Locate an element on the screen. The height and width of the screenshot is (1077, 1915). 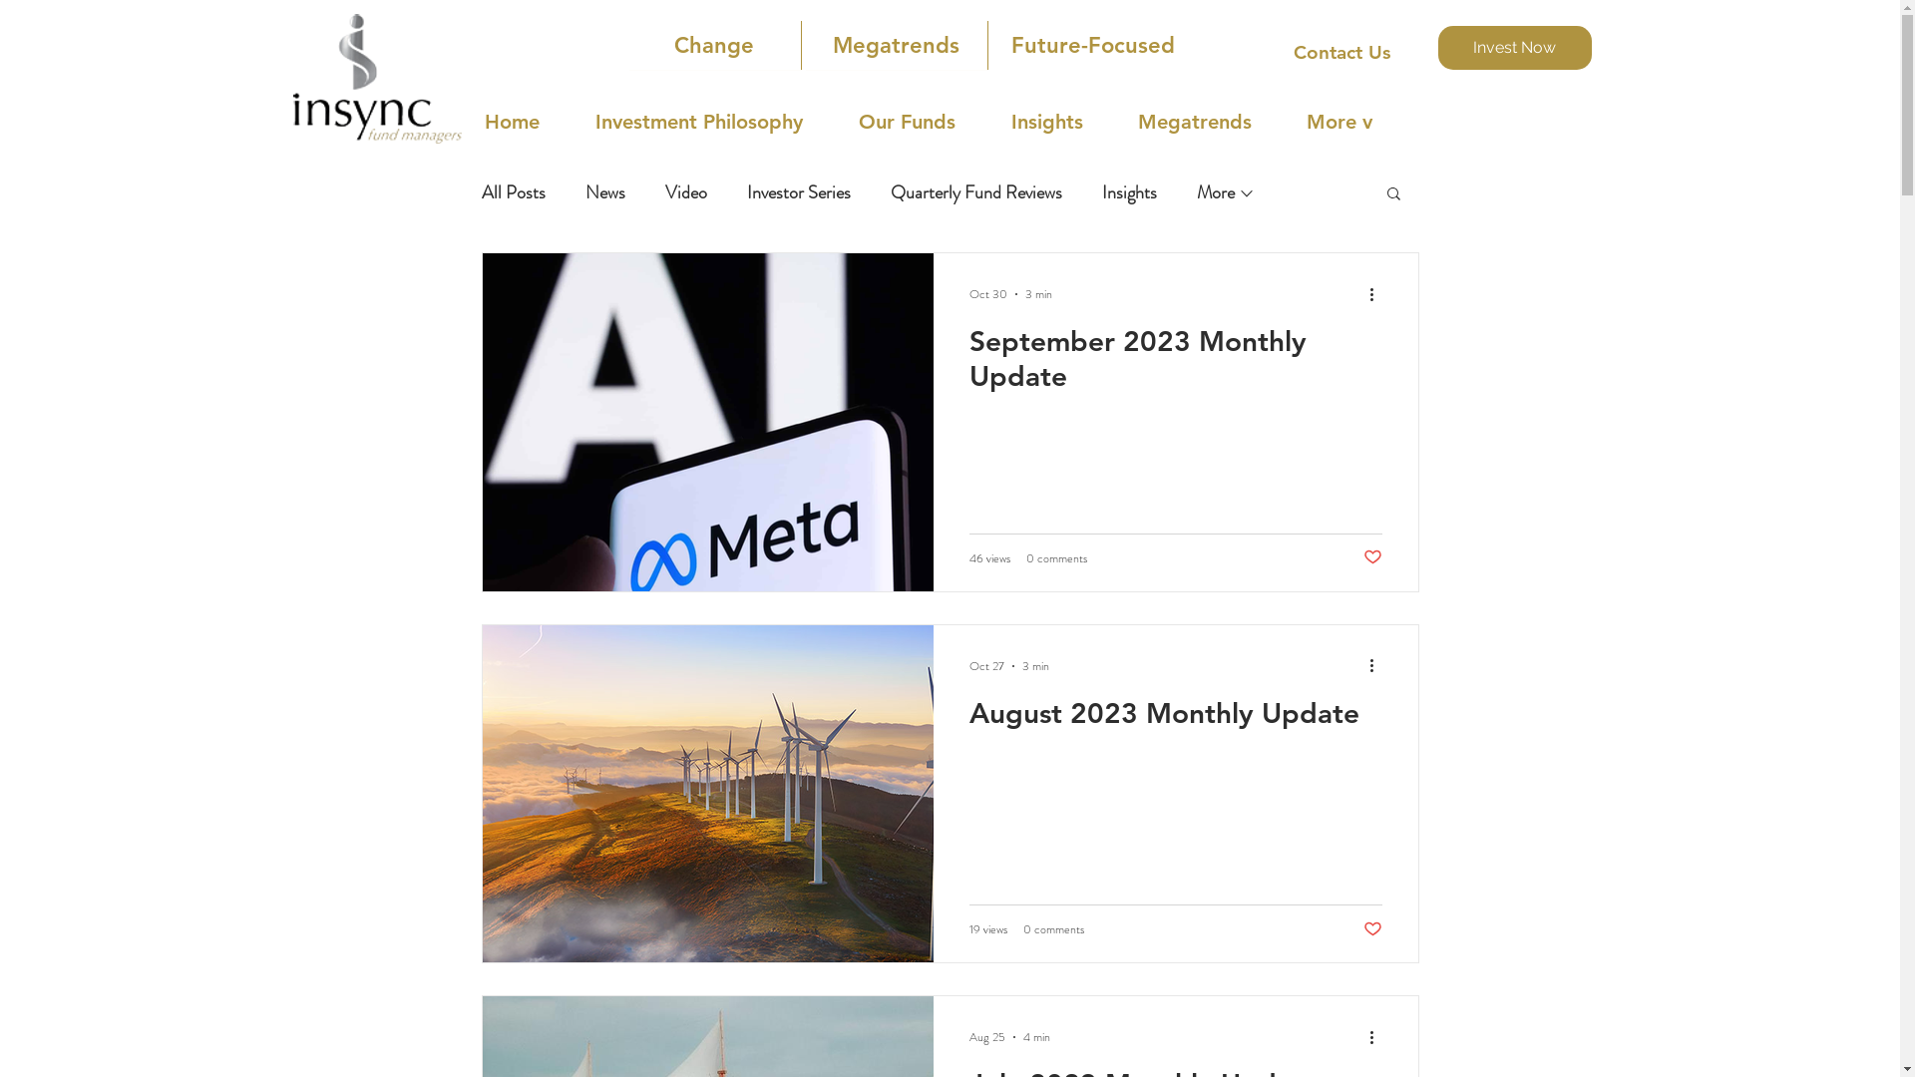
'0 comments' is located at coordinates (1054, 557).